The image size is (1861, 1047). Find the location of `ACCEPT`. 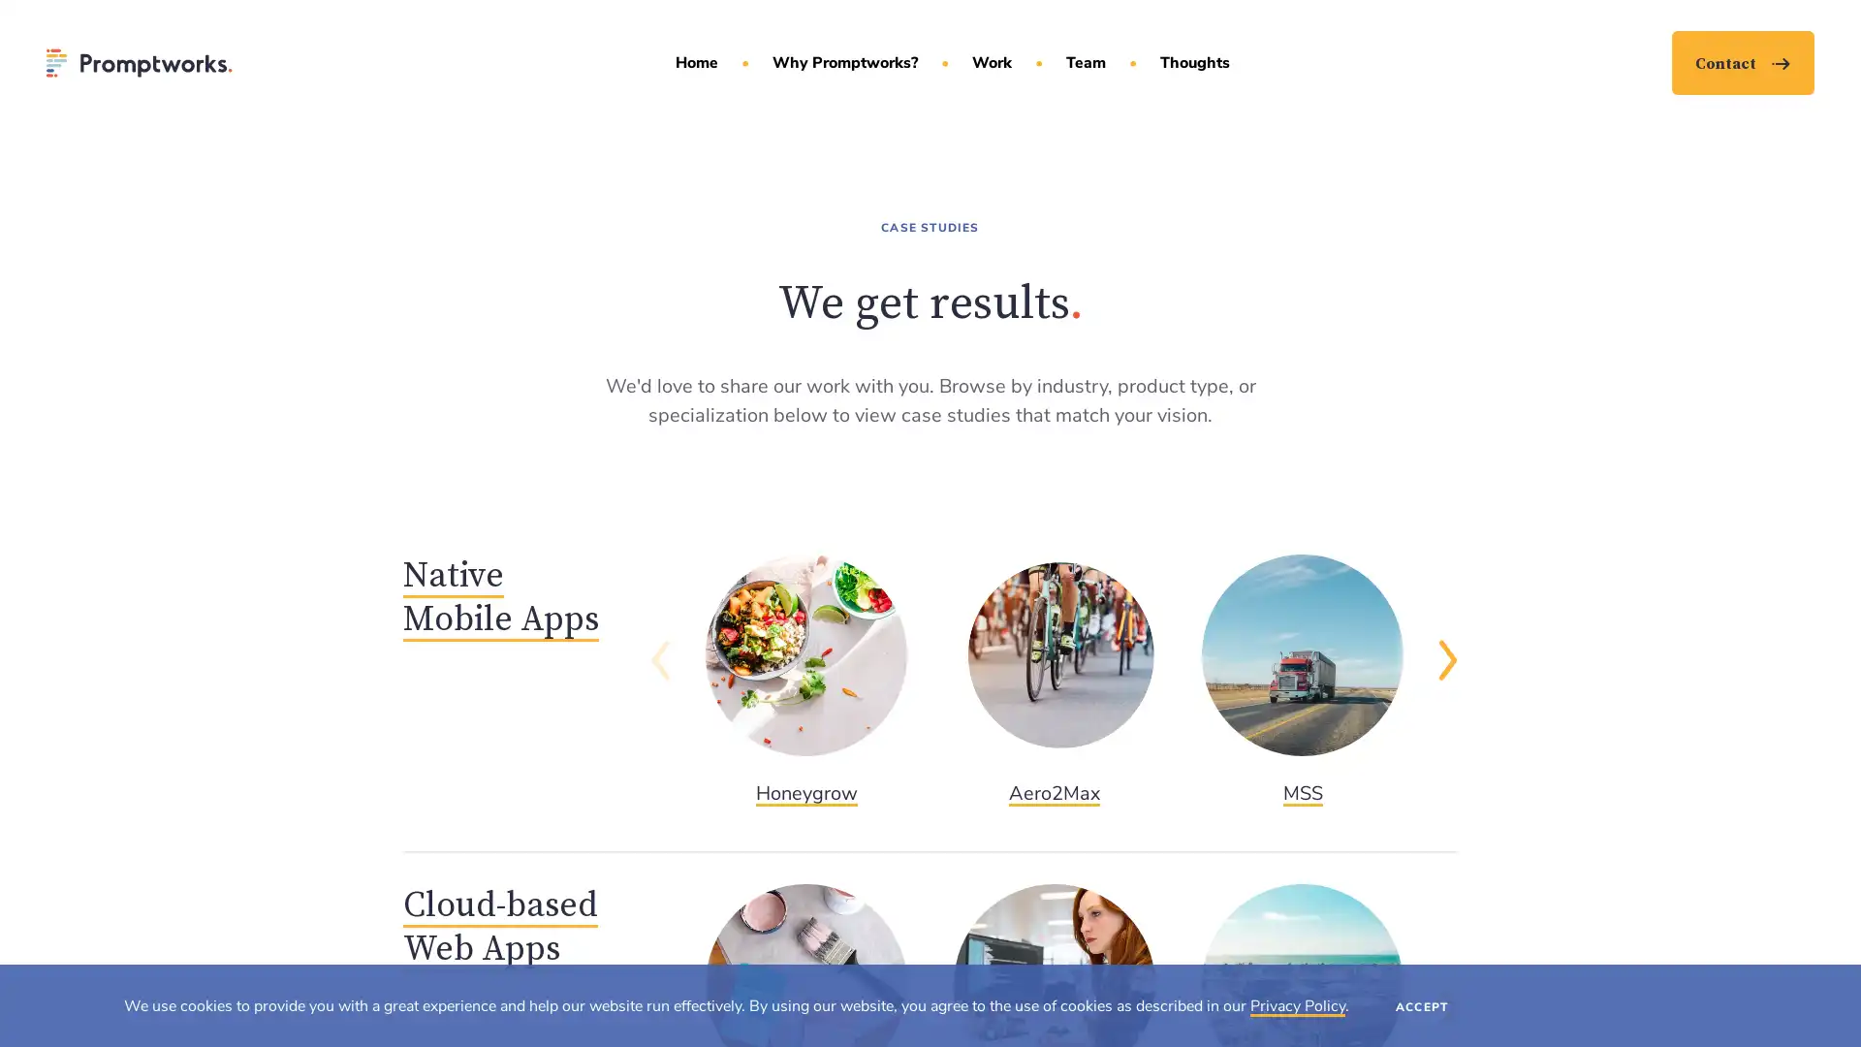

ACCEPT is located at coordinates (1422, 1004).